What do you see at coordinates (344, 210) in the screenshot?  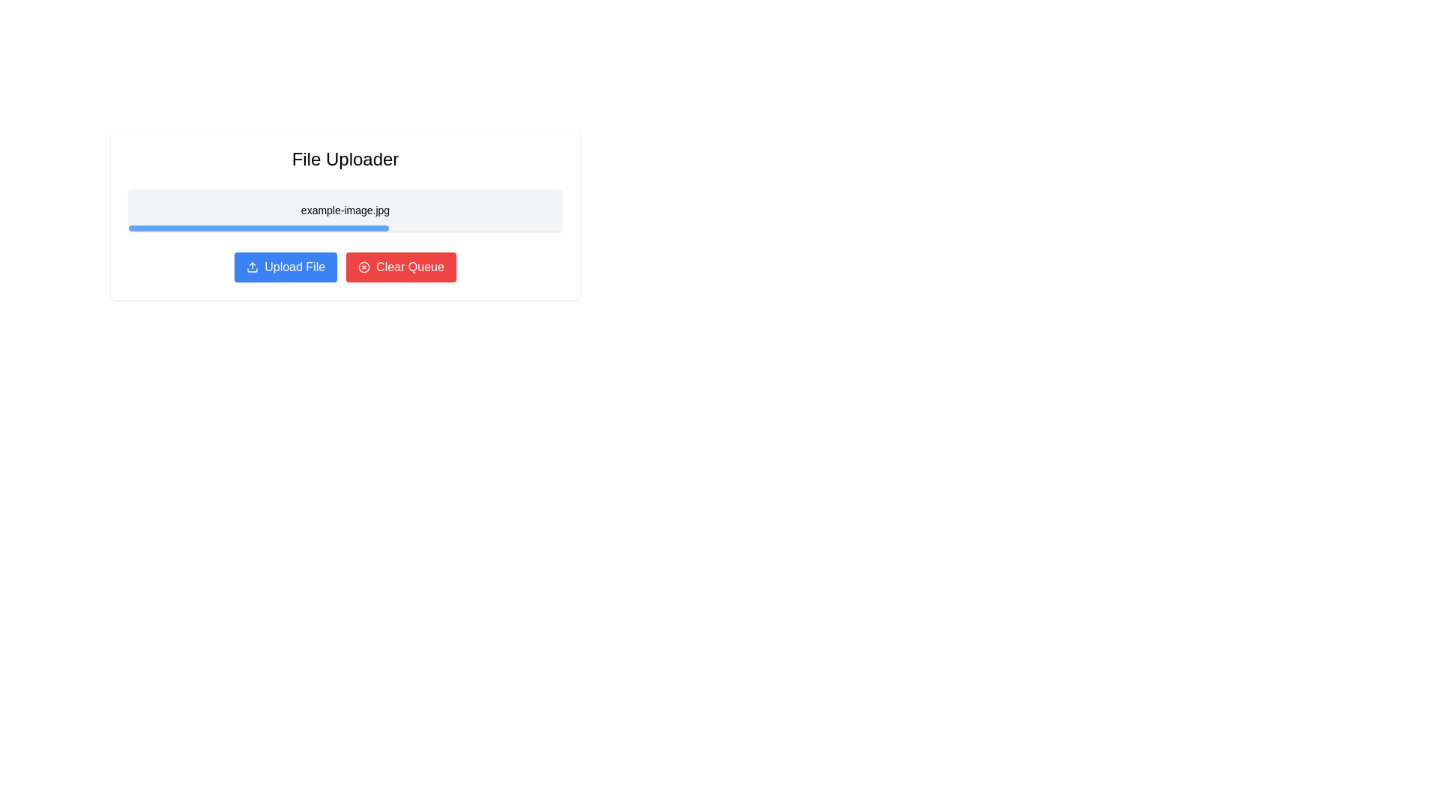 I see `label displaying the file name 'example-image.jpg' in the file upload interface, which is located below the title 'File Uploader' and above the action buttons` at bounding box center [344, 210].